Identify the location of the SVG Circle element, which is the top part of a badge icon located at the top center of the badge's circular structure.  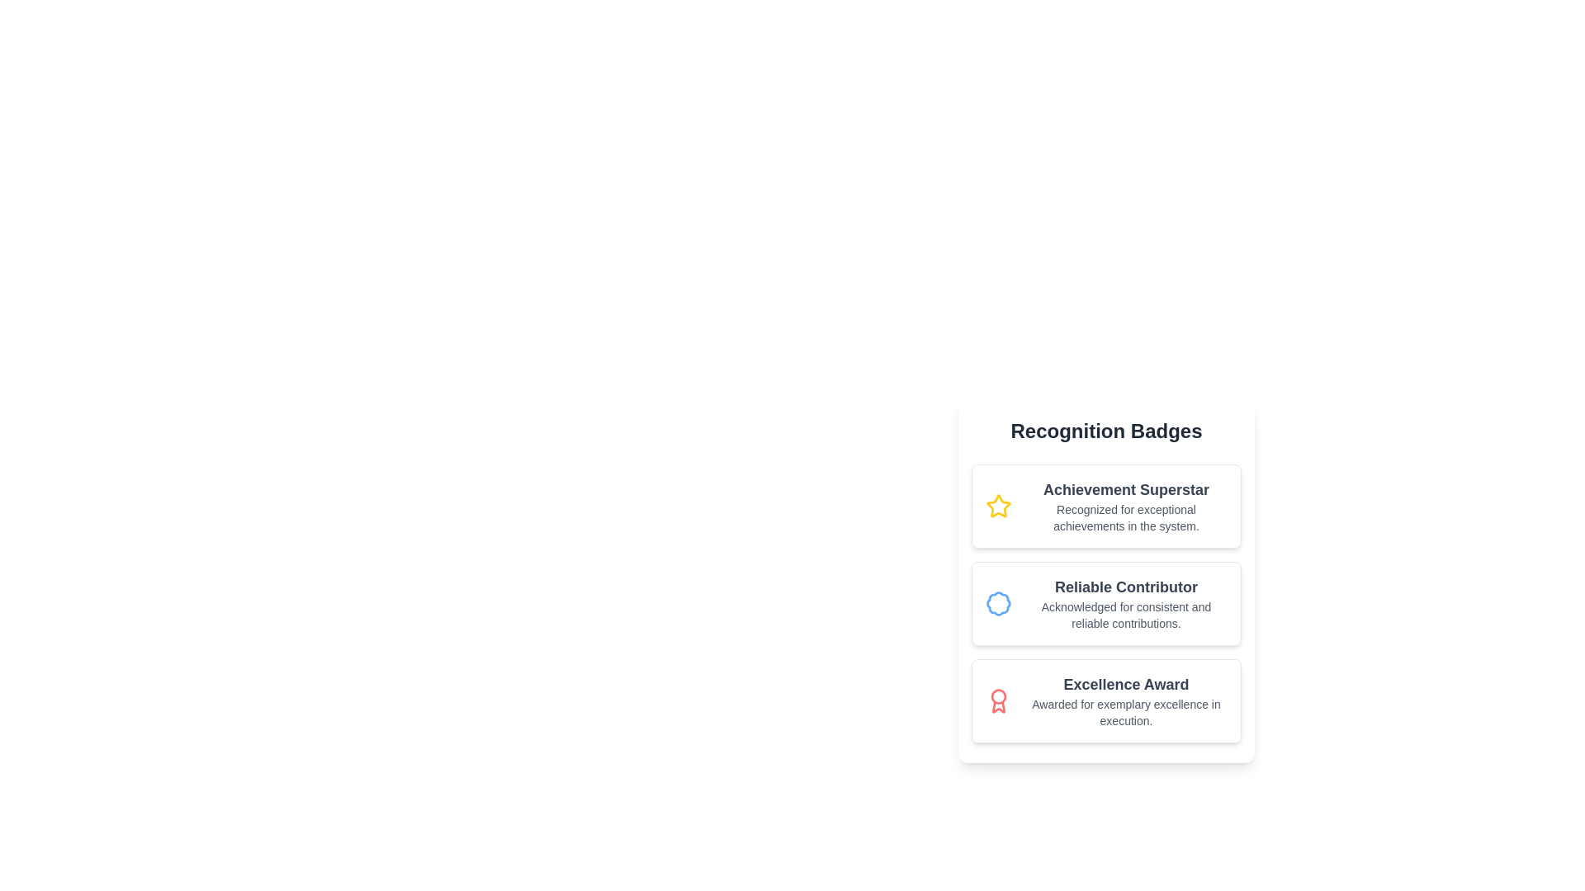
(997, 696).